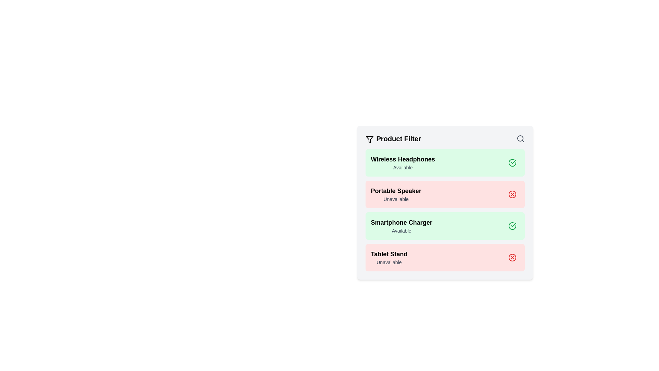 This screenshot has height=371, width=659. What do you see at coordinates (512, 163) in the screenshot?
I see `the Status indicator icon located at the far right of the 'Wireless Headphones' row in the product filter interface, which indicates the item's availability status` at bounding box center [512, 163].